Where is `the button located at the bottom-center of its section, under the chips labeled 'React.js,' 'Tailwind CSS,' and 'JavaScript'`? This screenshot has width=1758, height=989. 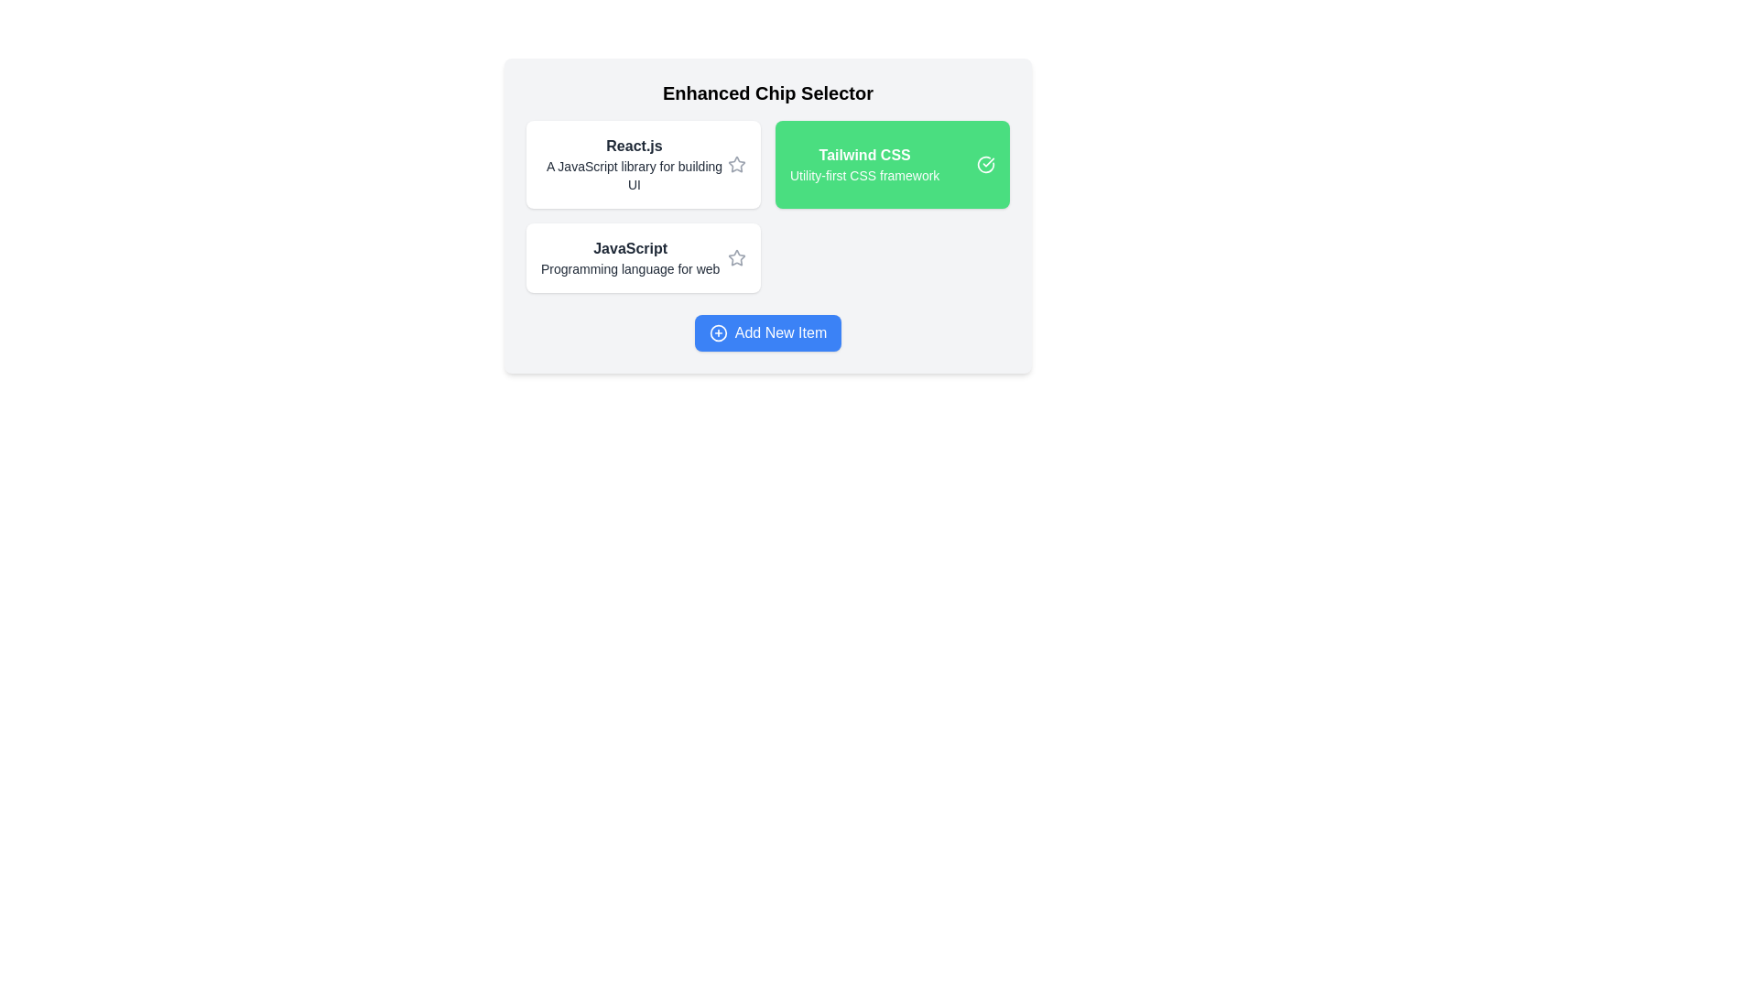 the button located at the bottom-center of its section, under the chips labeled 'React.js,' 'Tailwind CSS,' and 'JavaScript' is located at coordinates (768, 332).